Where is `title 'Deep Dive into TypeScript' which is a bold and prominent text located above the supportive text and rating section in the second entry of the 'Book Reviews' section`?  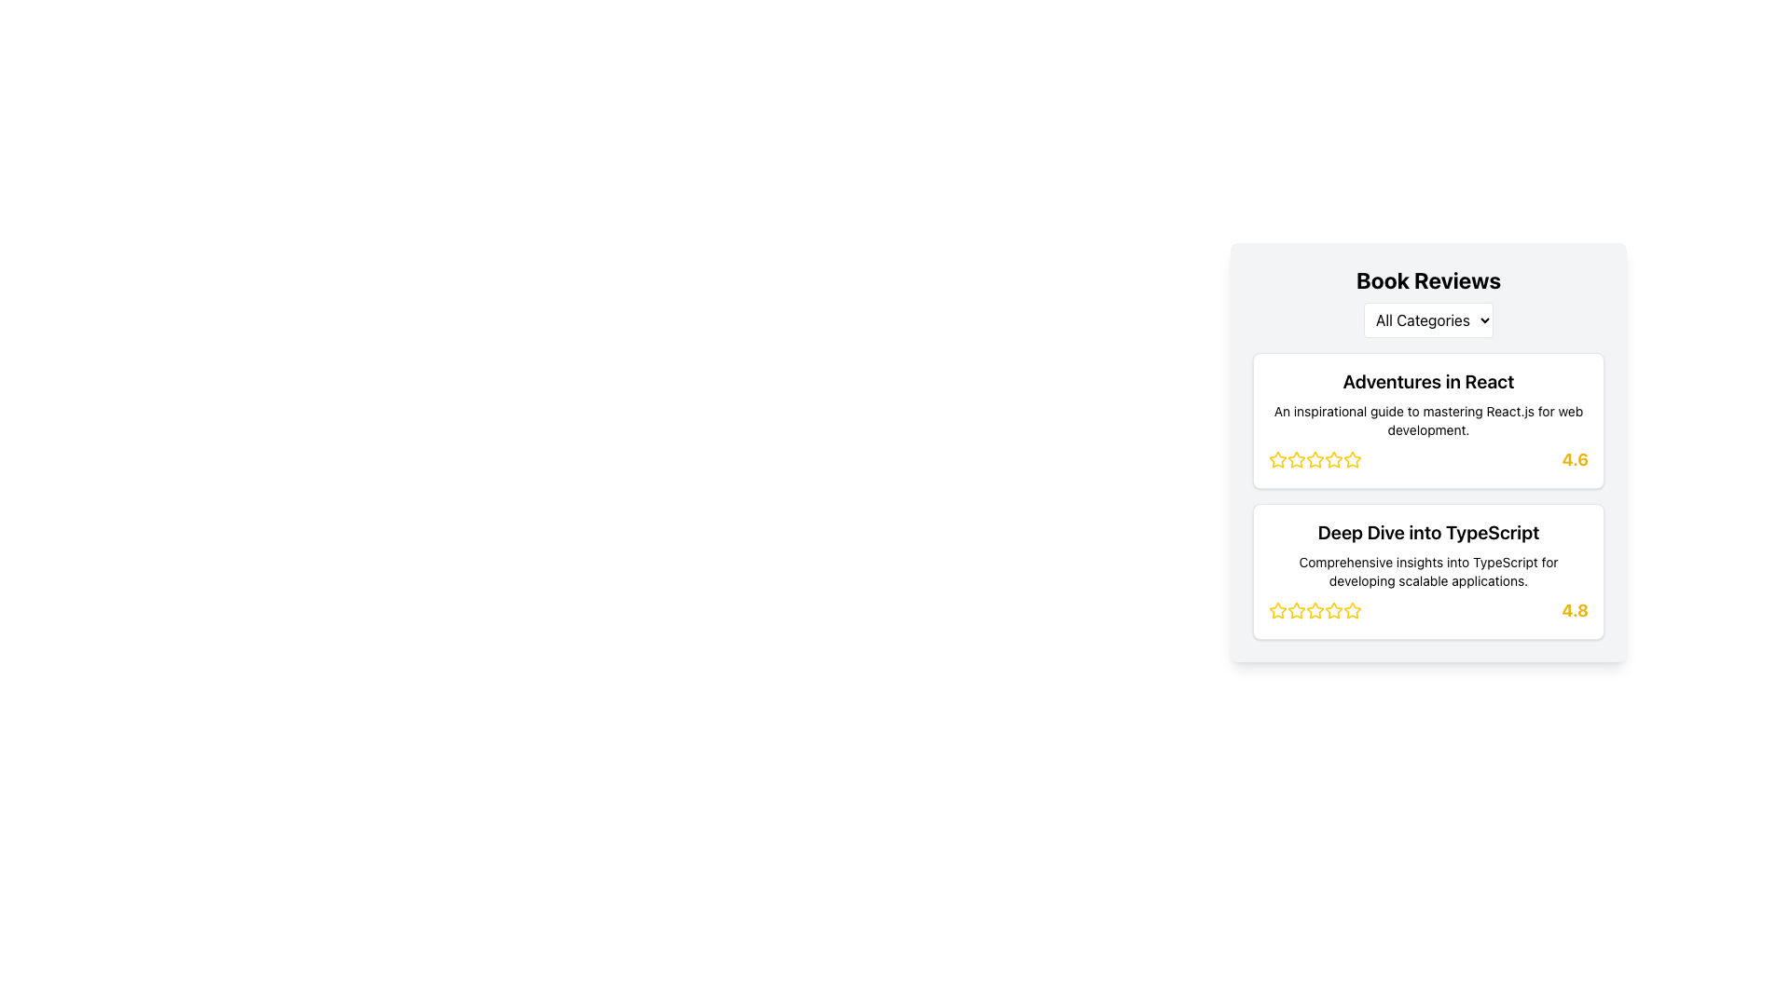 title 'Deep Dive into TypeScript' which is a bold and prominent text located above the supportive text and rating section in the second entry of the 'Book Reviews' section is located at coordinates (1427, 532).